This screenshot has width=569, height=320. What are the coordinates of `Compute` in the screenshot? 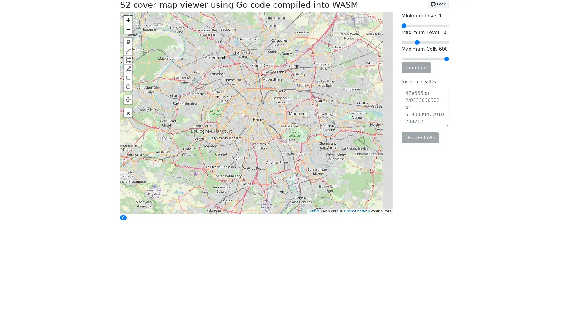 It's located at (416, 67).